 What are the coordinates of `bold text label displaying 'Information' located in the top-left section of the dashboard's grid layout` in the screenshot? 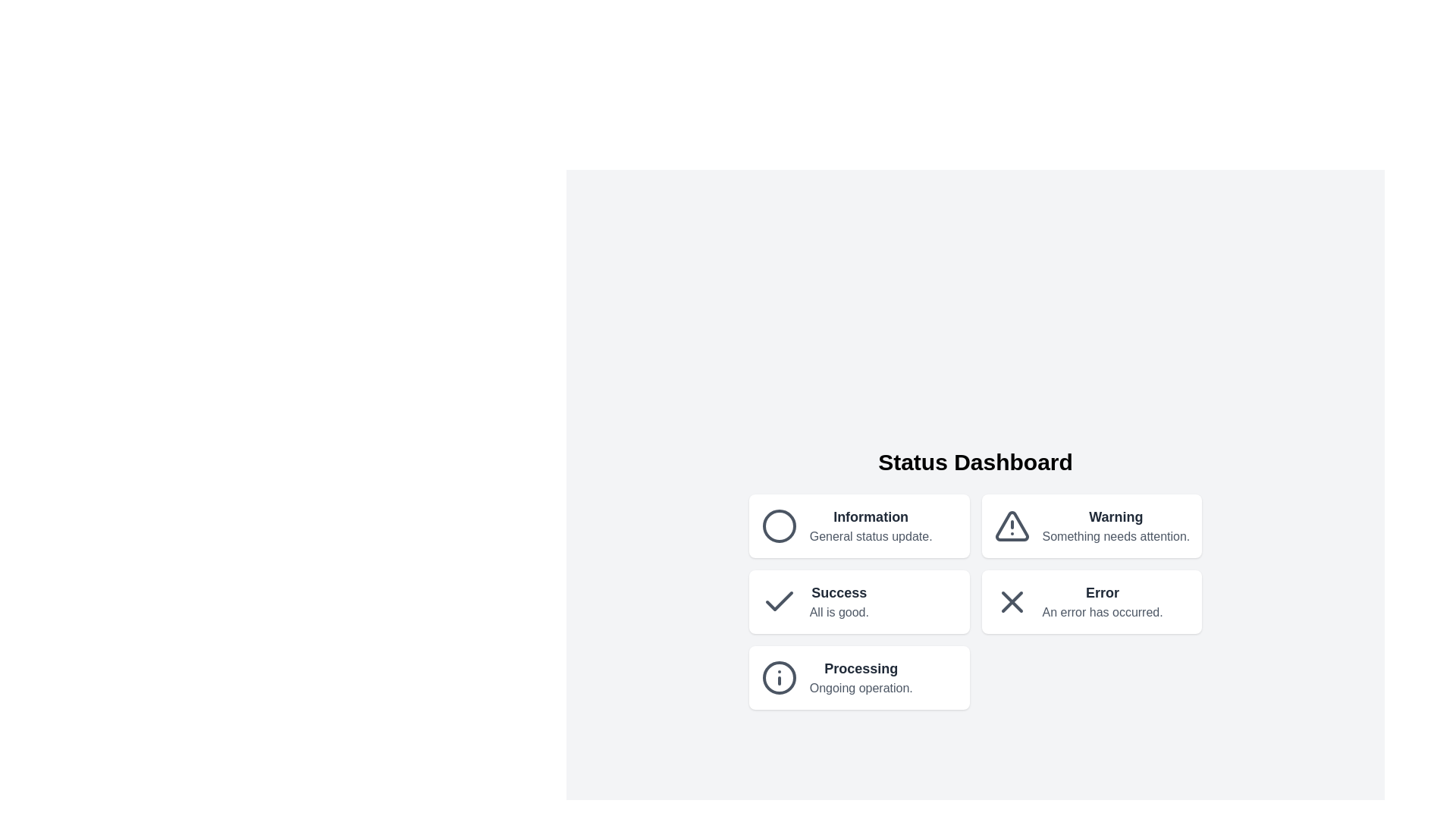 It's located at (871, 516).